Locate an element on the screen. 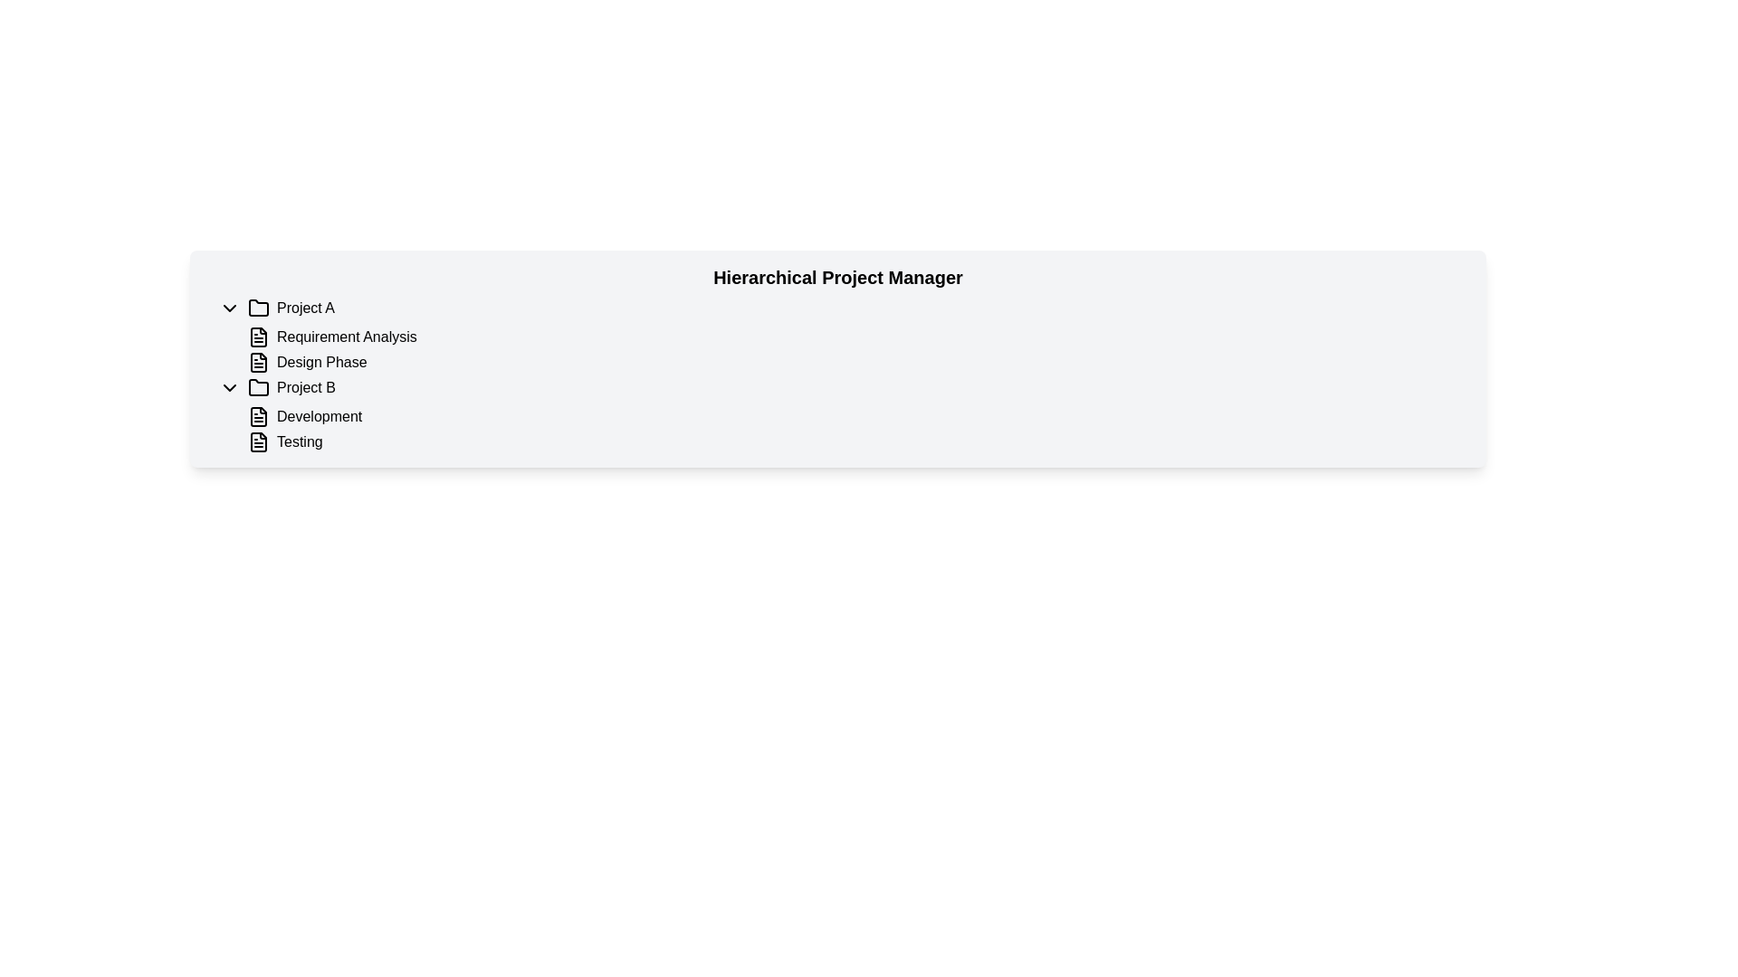 This screenshot has height=977, width=1738. the text label for 'Project B' within the hierarchical project management interface for navigation is located at coordinates (306, 386).